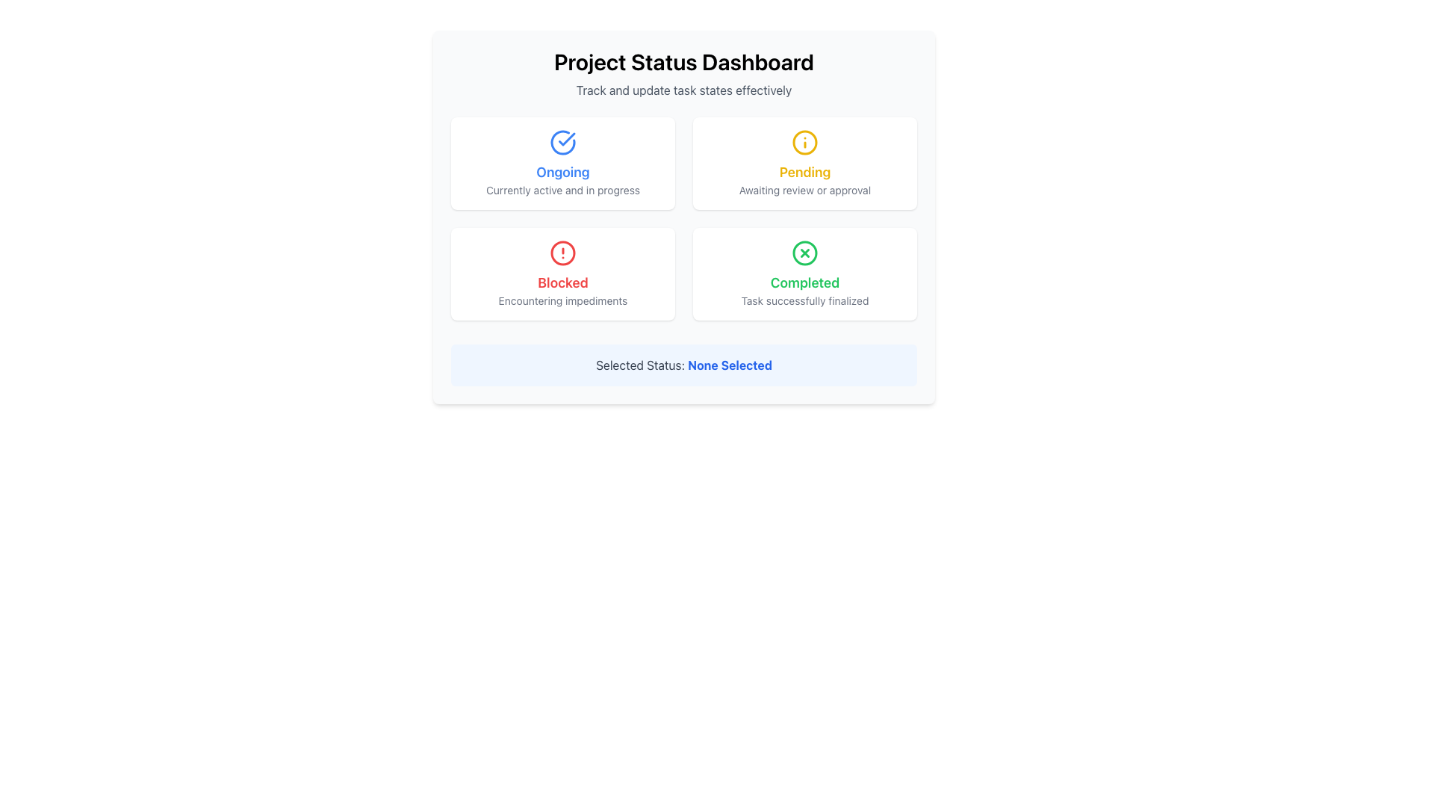 Image resolution: width=1434 pixels, height=807 pixels. I want to click on the text label displaying 'Selected Status: None Selected', which is styled with gray and bold blue text within a rounded light blue background, so click(683, 365).